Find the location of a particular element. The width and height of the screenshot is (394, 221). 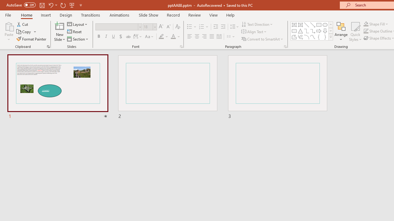

'Increase Indent' is located at coordinates (223, 26).